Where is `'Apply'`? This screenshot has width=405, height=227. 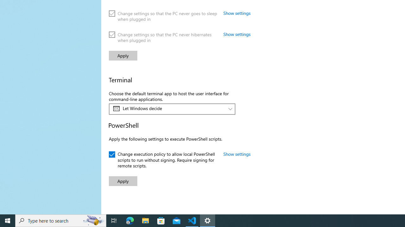 'Apply' is located at coordinates (123, 181).